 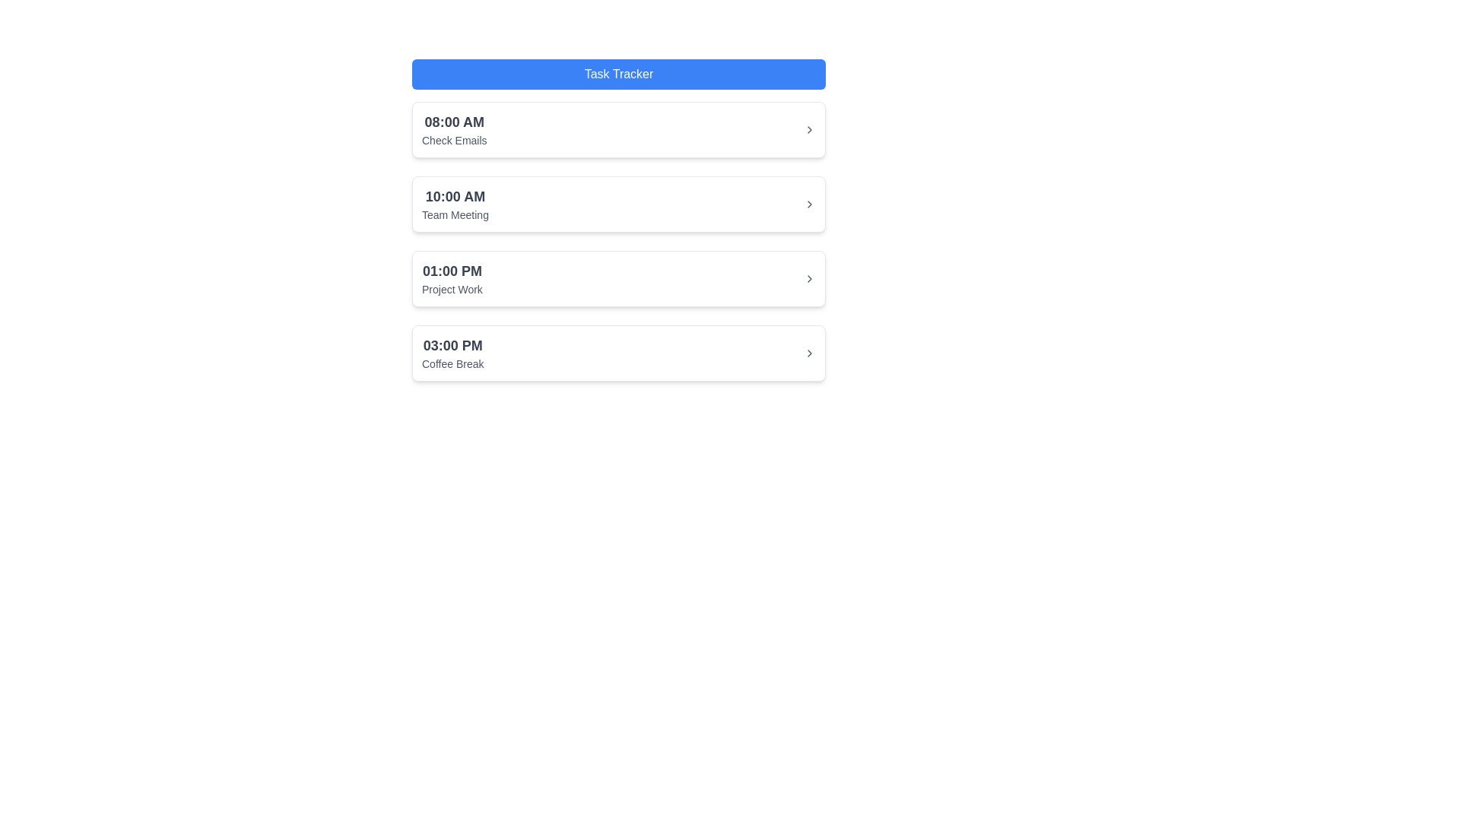 What do you see at coordinates (452, 271) in the screenshot?
I see `the static text label displaying the time of a scheduled task, located above 'Project Work' and between '10:00 AM' and '03:00 PM'` at bounding box center [452, 271].